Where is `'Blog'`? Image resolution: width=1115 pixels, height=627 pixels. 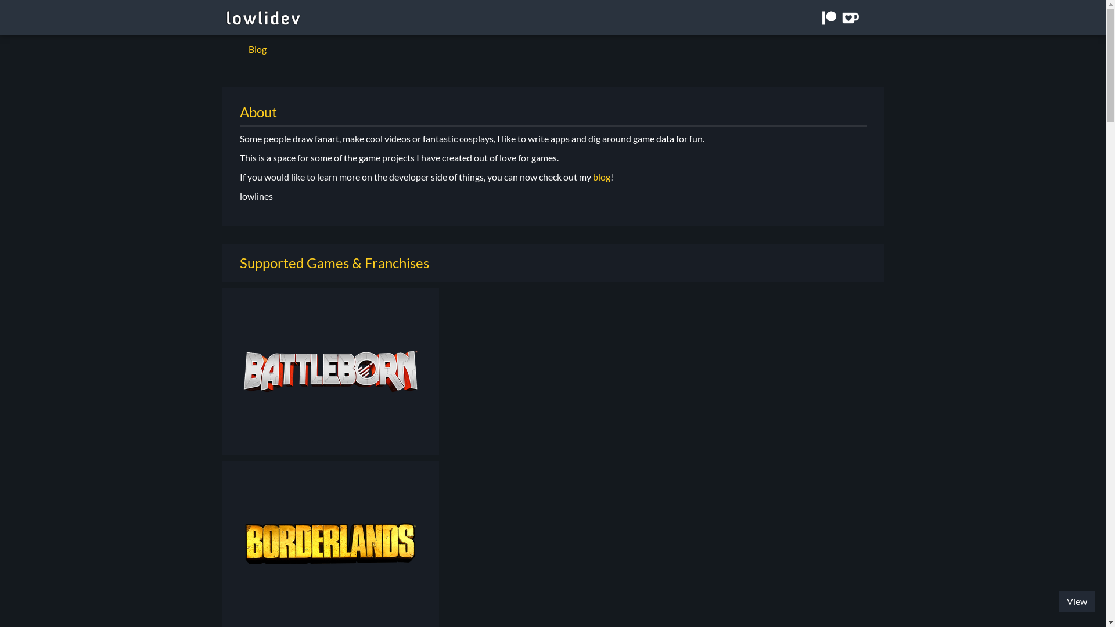 'Blog' is located at coordinates (256, 48).